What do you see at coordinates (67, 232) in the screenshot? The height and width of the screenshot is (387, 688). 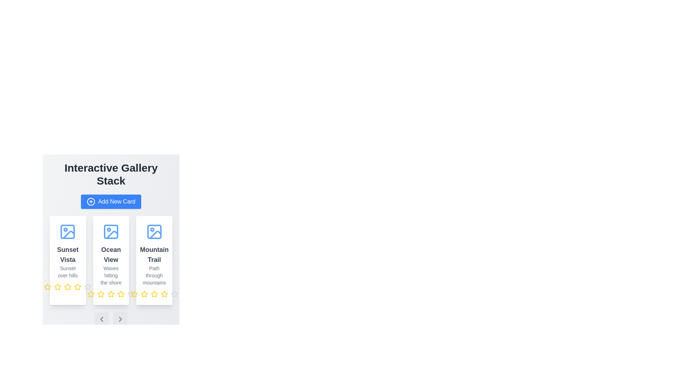 I see `to select or interact with the vibrant blue icon styled as an image placeholder located at the top of the 'Sunset Vista' card in the gallery component` at bounding box center [67, 232].